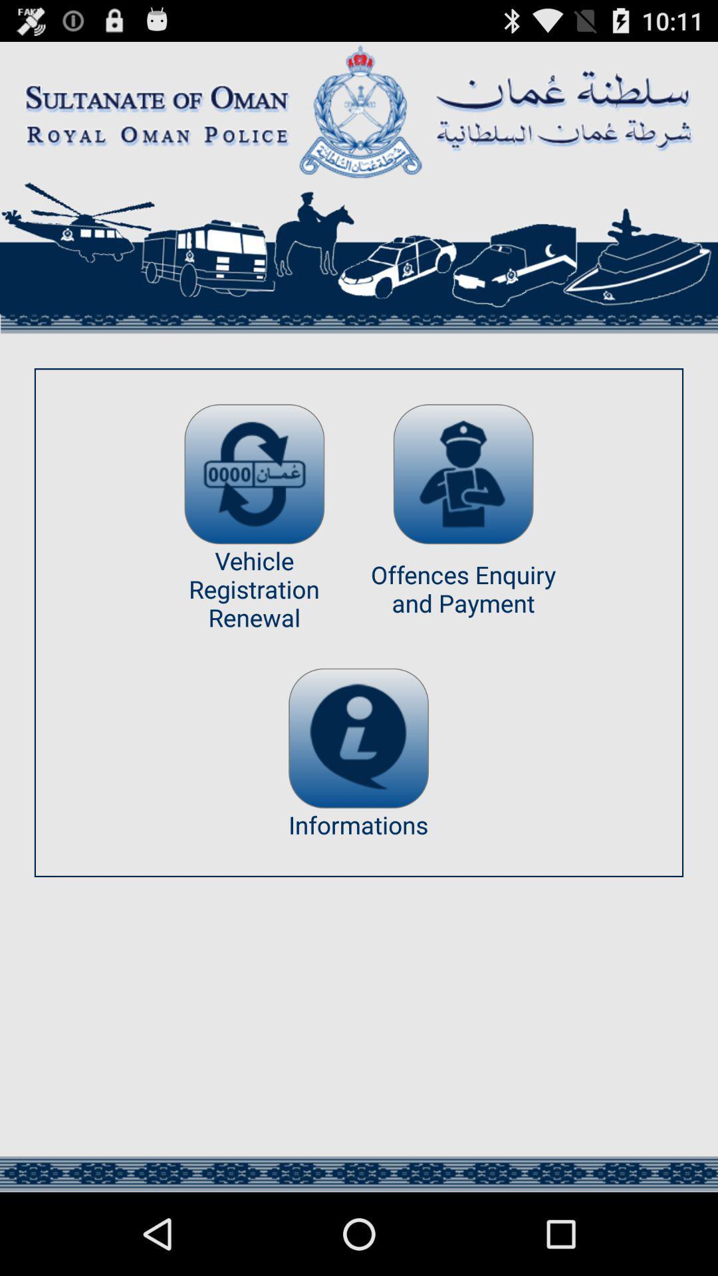  What do you see at coordinates (358, 790) in the screenshot?
I see `the info icon` at bounding box center [358, 790].